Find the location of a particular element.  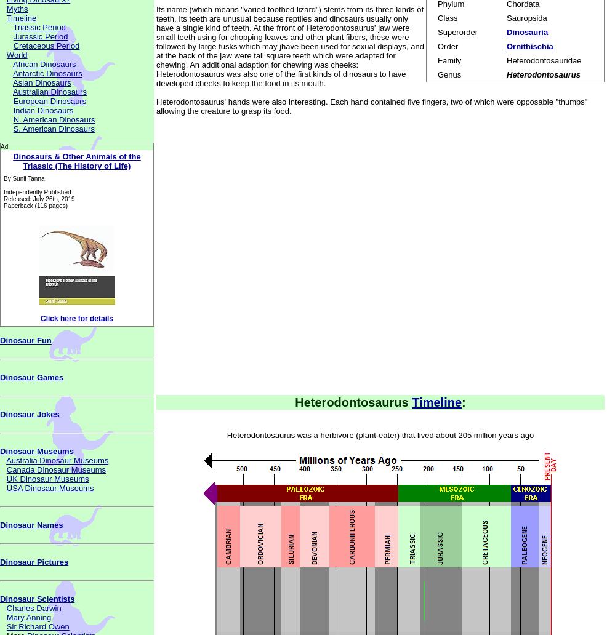

'World' is located at coordinates (5, 55).